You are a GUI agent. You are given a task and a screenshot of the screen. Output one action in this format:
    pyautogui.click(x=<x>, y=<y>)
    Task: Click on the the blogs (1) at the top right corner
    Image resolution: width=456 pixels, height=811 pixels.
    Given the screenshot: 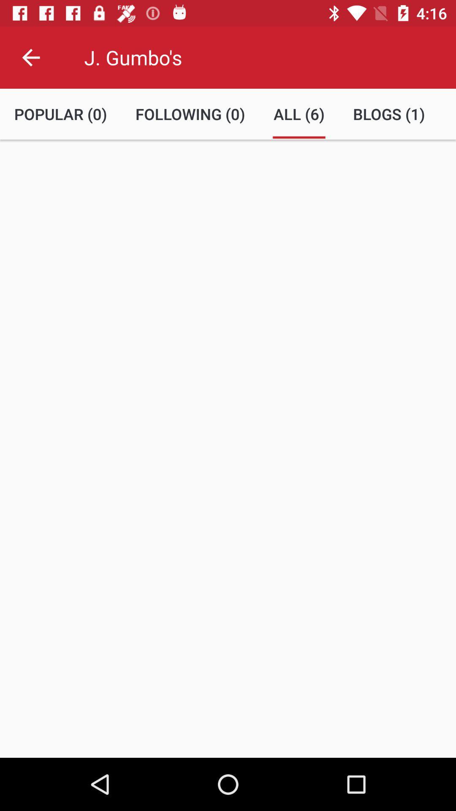 What is the action you would take?
    pyautogui.click(x=389, y=114)
    